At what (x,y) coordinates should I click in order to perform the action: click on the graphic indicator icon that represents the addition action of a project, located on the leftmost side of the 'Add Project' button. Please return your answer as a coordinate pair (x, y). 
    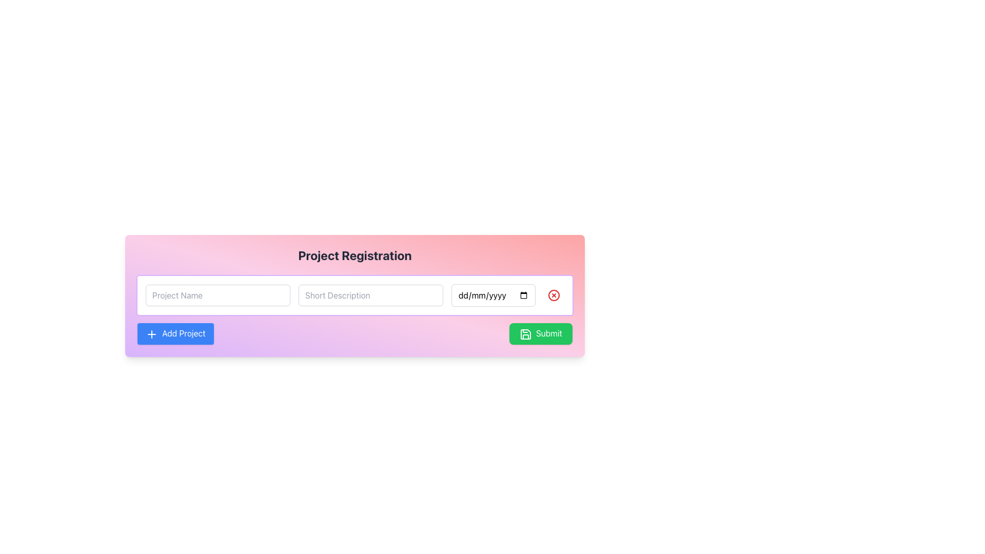
    Looking at the image, I should click on (151, 334).